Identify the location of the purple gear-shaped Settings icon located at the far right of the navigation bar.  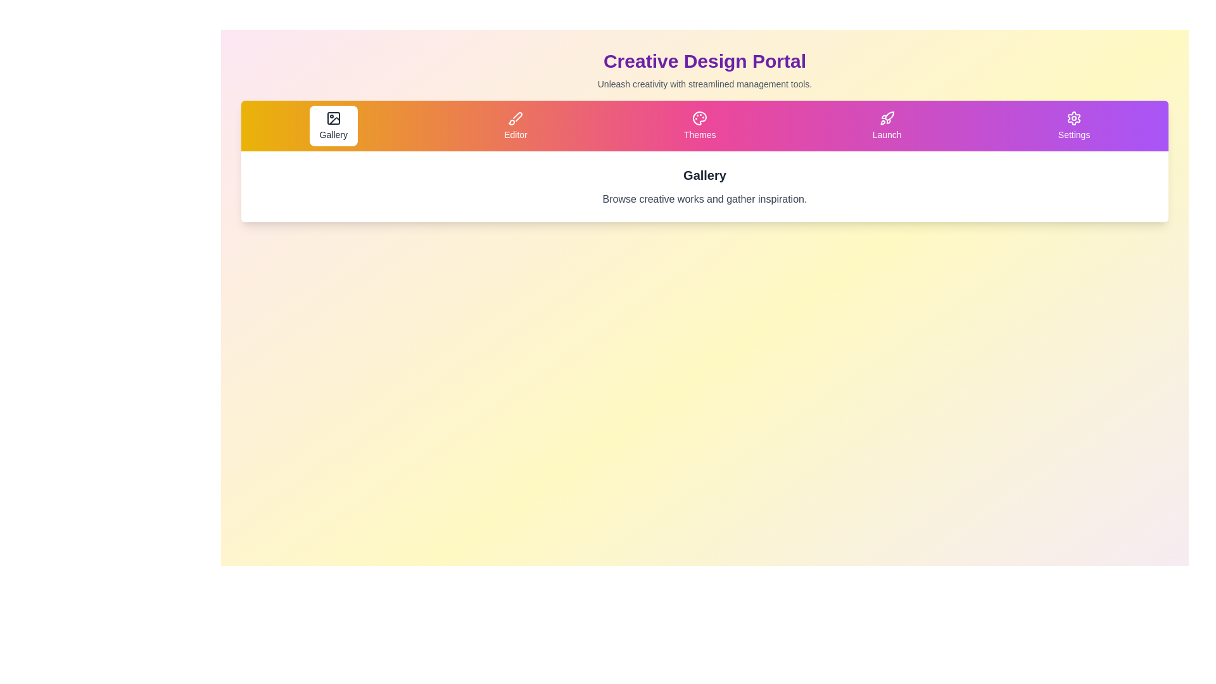
(1073, 118).